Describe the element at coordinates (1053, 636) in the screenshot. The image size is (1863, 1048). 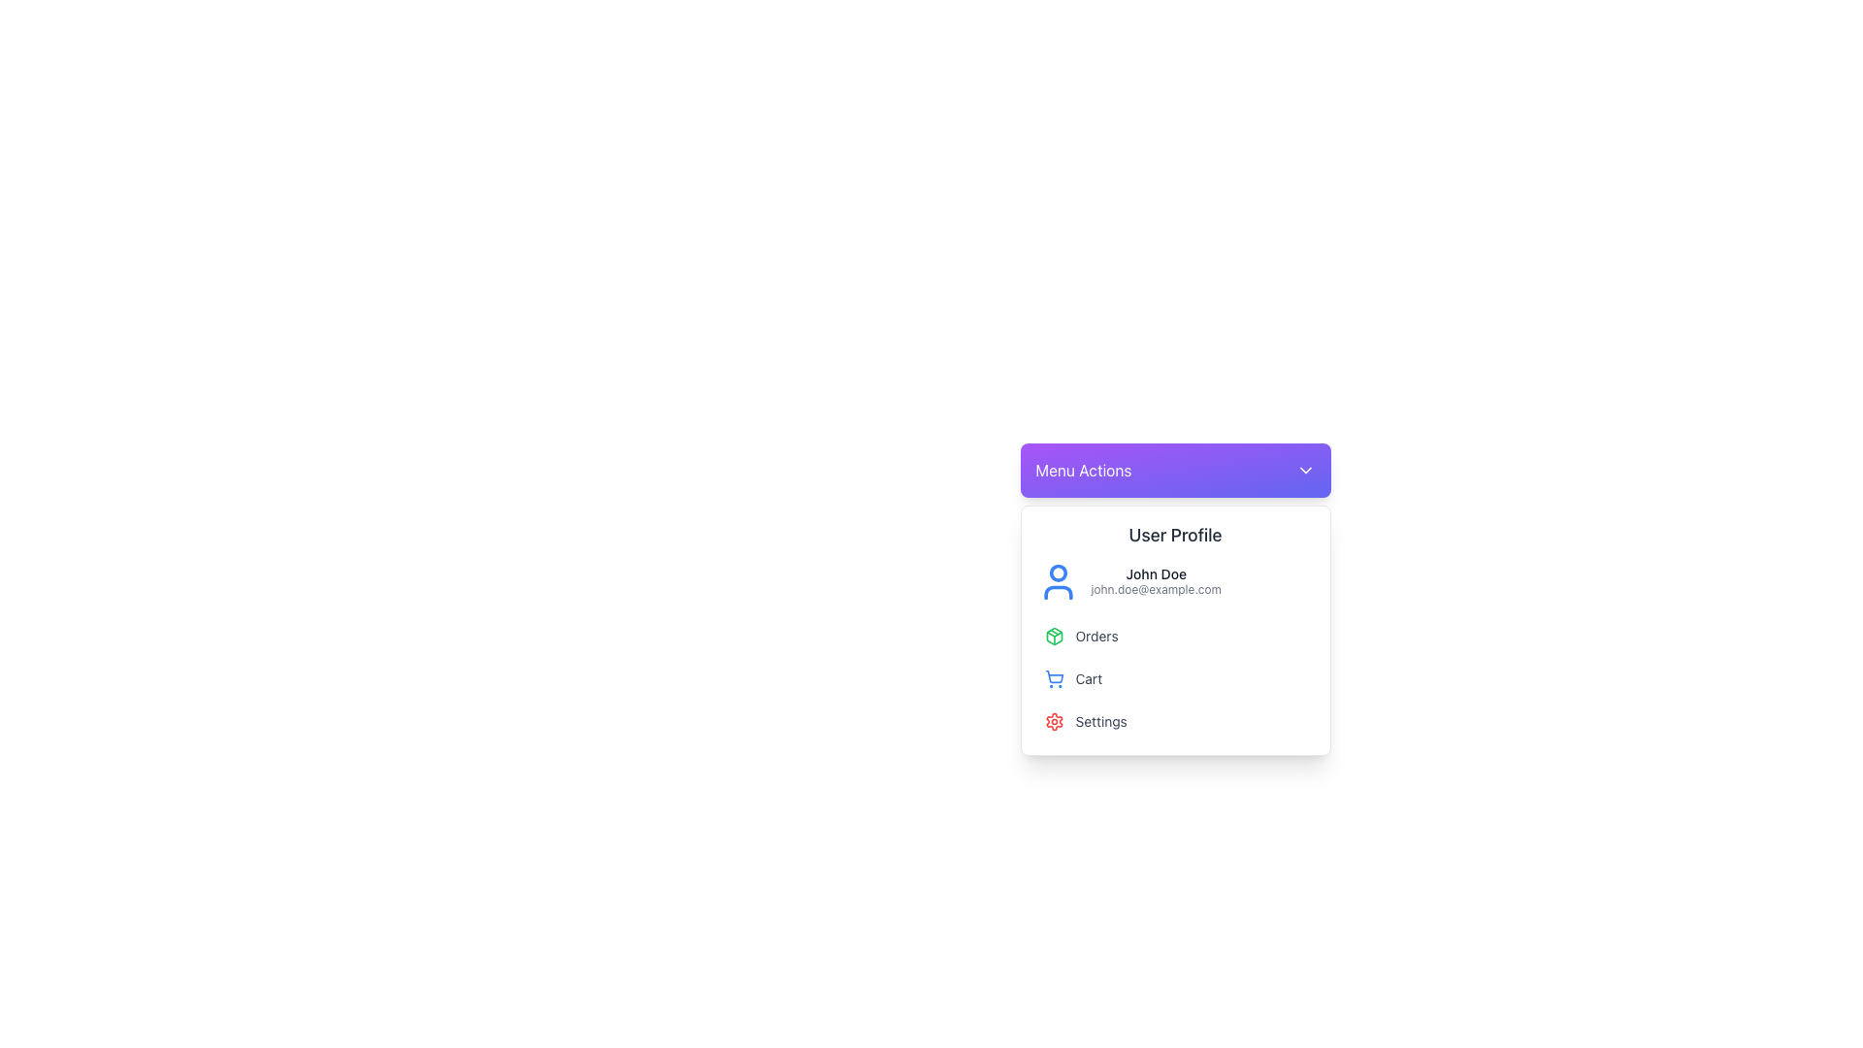
I see `the decorative icon for the 'Orders' menu action, which is located within the vertical list of menu actions below the 'User Profile' section` at that location.